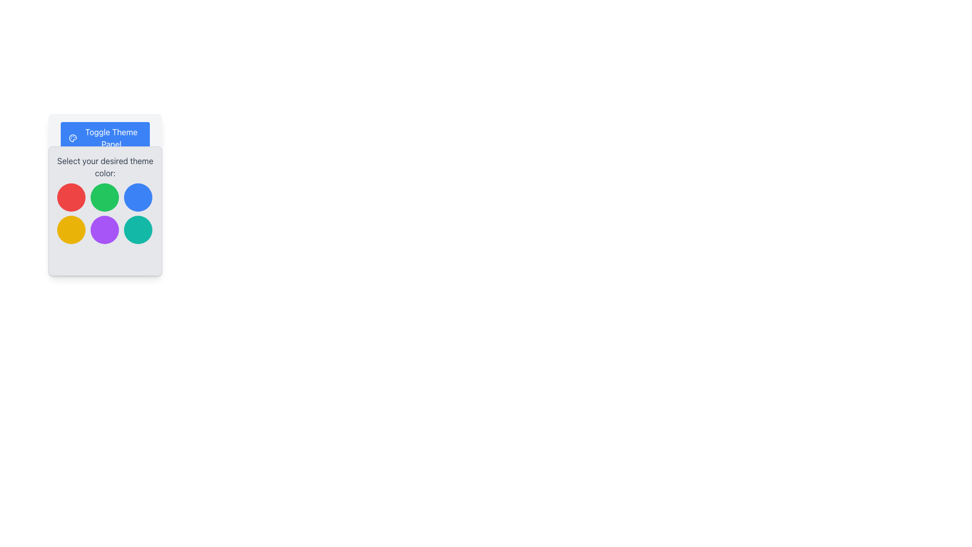 The width and height of the screenshot is (972, 547). What do you see at coordinates (72, 138) in the screenshot?
I see `the painter's palette icon located to the left of the 'Toggle Theme Panel' button for accessibility purposes` at bounding box center [72, 138].